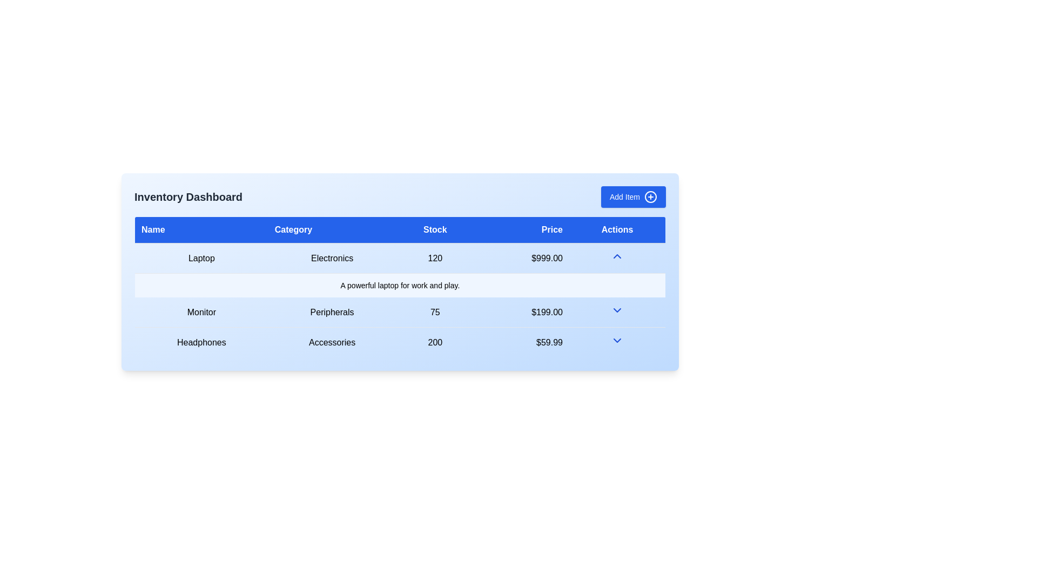  What do you see at coordinates (650, 197) in the screenshot?
I see `the circular outline of the 'Add Item' button, which indicates the 'add' functionality, located at the top right of the interface` at bounding box center [650, 197].